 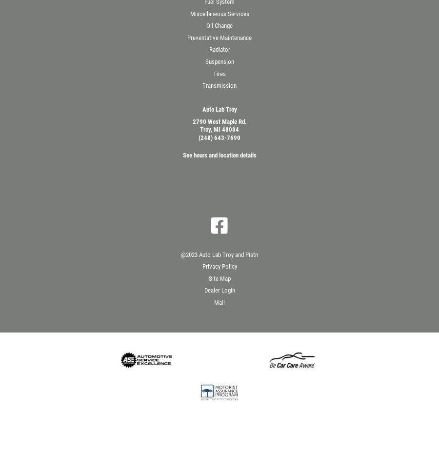 I want to click on 'Site Map', so click(x=219, y=277).